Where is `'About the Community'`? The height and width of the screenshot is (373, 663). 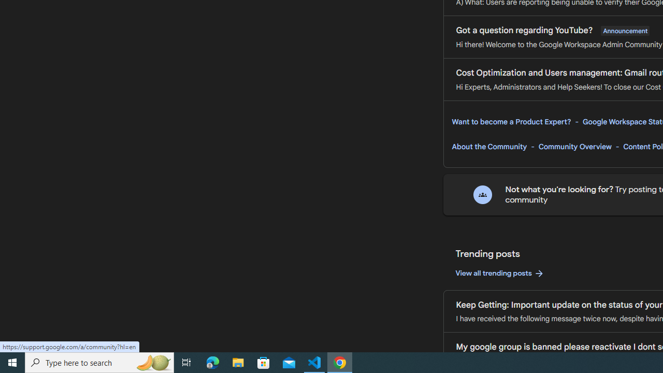 'About the Community' is located at coordinates (488, 147).